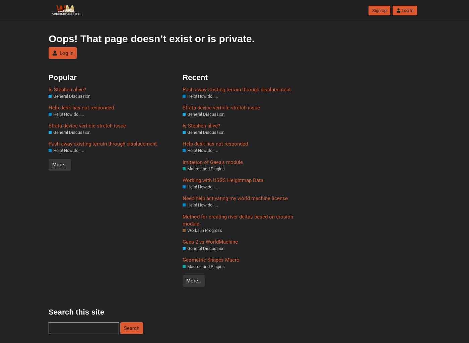  What do you see at coordinates (210, 241) in the screenshot?
I see `'Gaea 2 vs WorldMachine'` at bounding box center [210, 241].